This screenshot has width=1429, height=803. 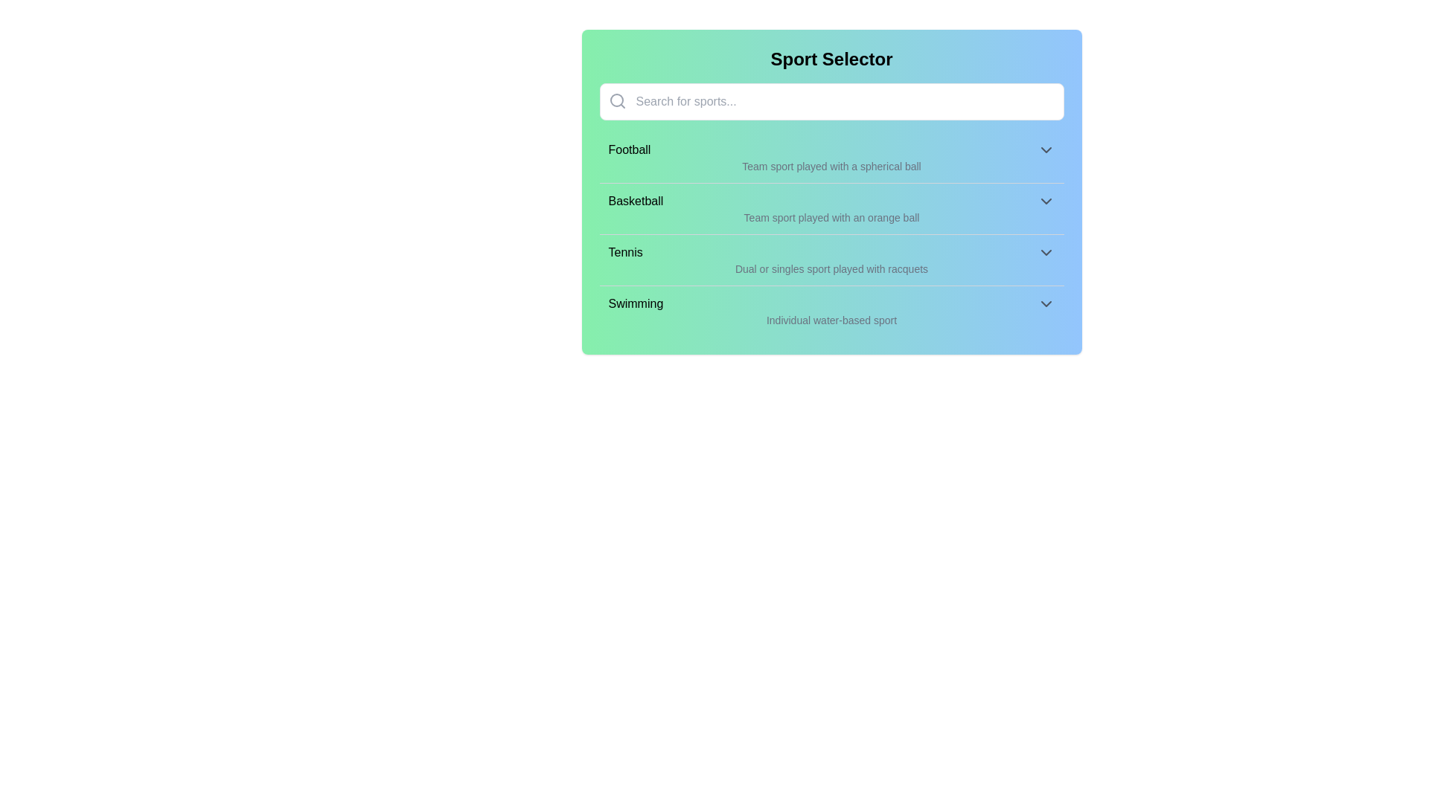 What do you see at coordinates (625, 251) in the screenshot?
I see `the text label displaying 'Tennis'` at bounding box center [625, 251].